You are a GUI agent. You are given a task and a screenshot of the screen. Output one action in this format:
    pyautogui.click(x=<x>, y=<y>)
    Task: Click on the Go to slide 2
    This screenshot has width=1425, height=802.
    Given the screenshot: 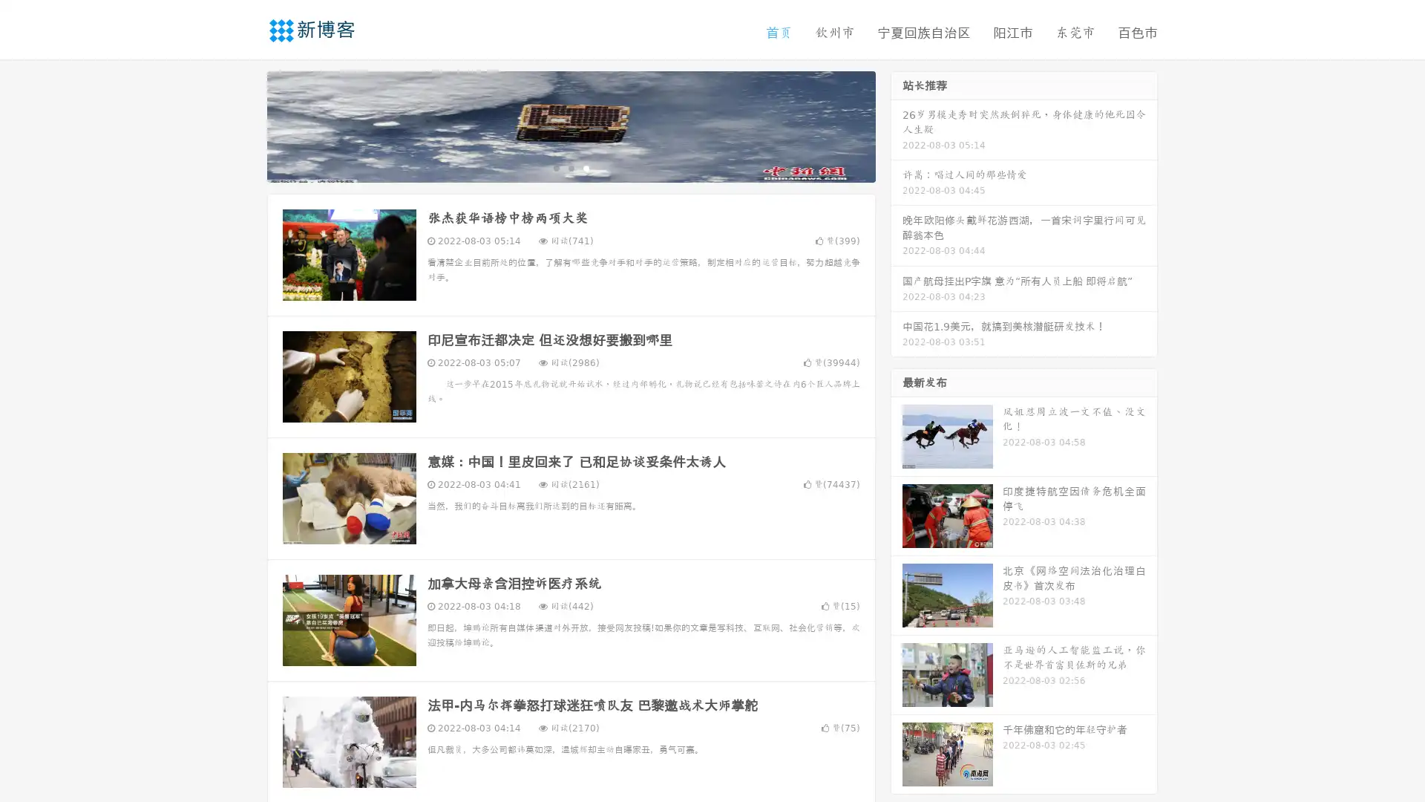 What is the action you would take?
    pyautogui.click(x=570, y=167)
    